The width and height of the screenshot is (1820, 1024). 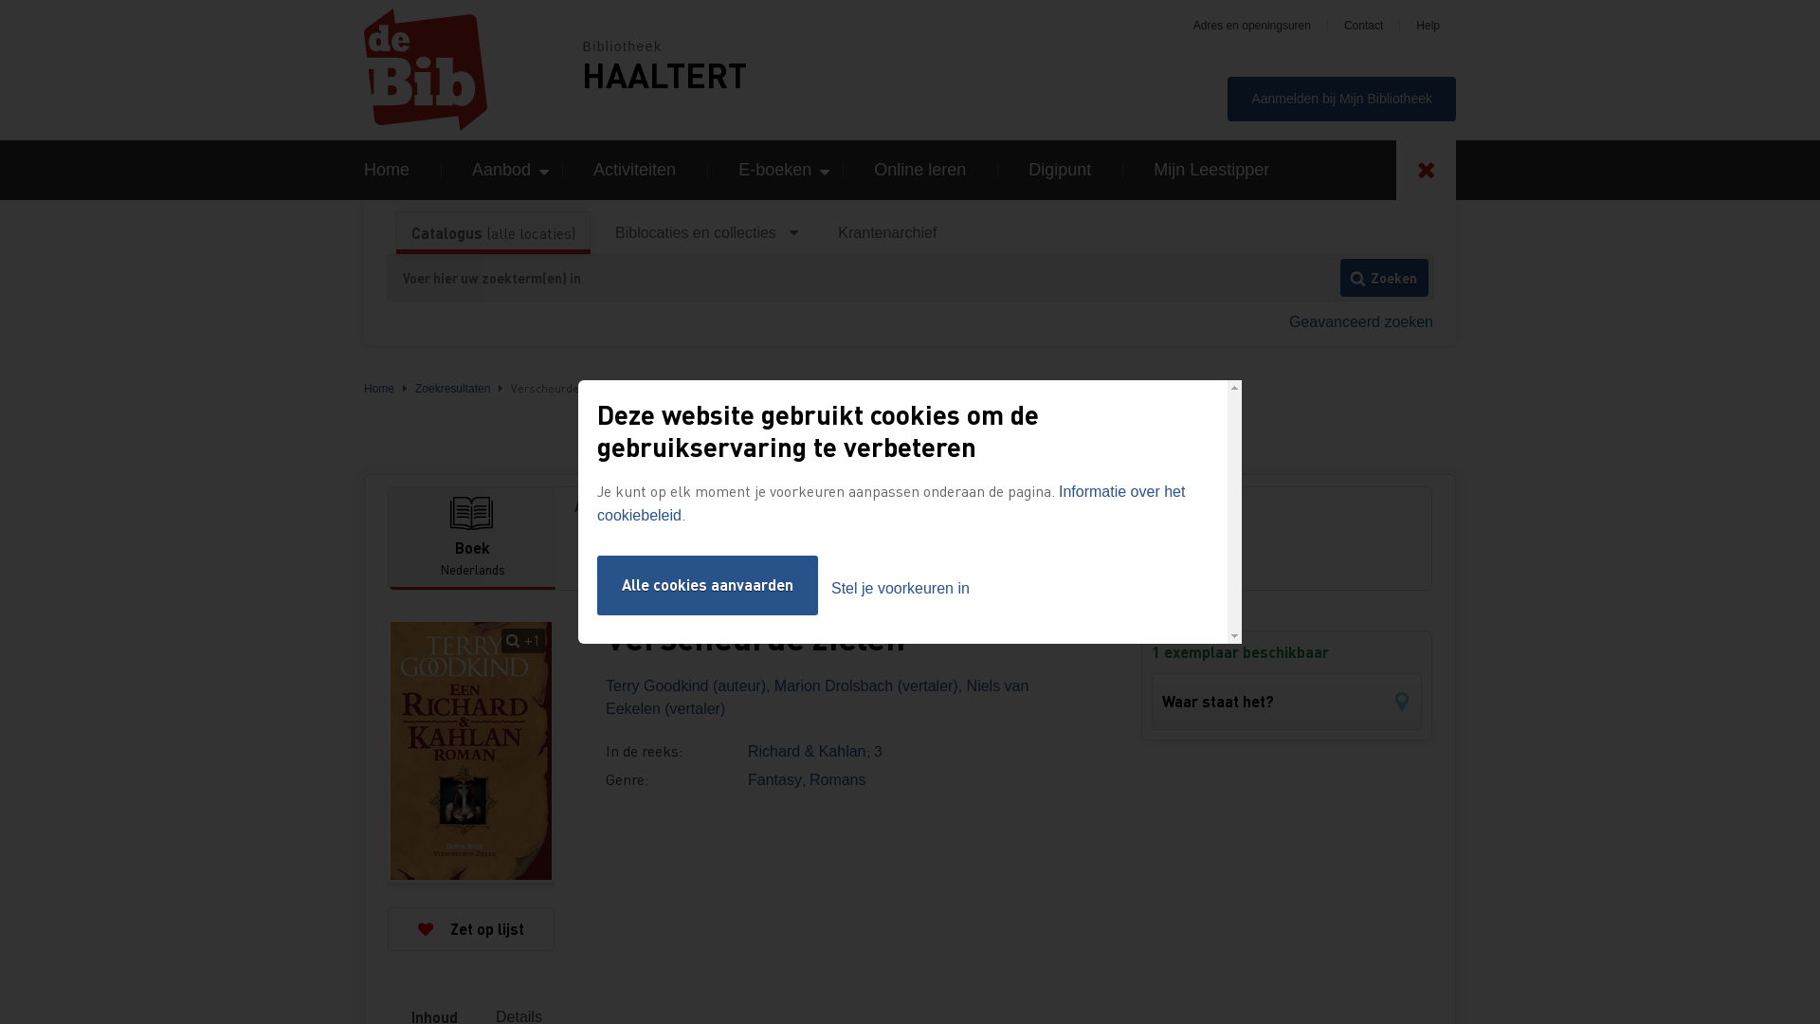 What do you see at coordinates (706, 584) in the screenshot?
I see `'Alle cookies aanvaarden'` at bounding box center [706, 584].